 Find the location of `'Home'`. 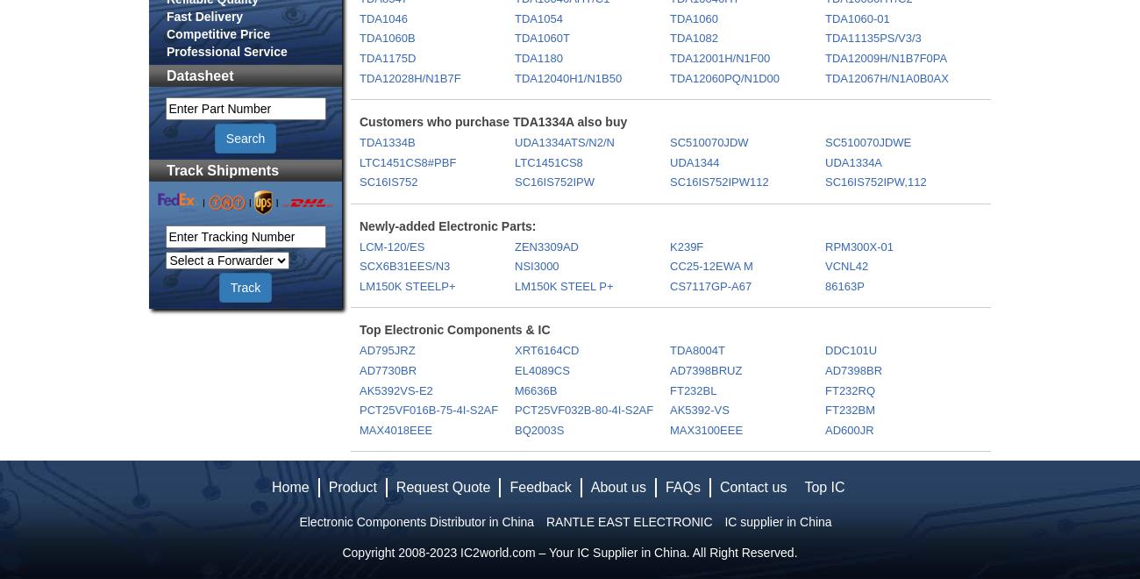

'Home' is located at coordinates (289, 487).